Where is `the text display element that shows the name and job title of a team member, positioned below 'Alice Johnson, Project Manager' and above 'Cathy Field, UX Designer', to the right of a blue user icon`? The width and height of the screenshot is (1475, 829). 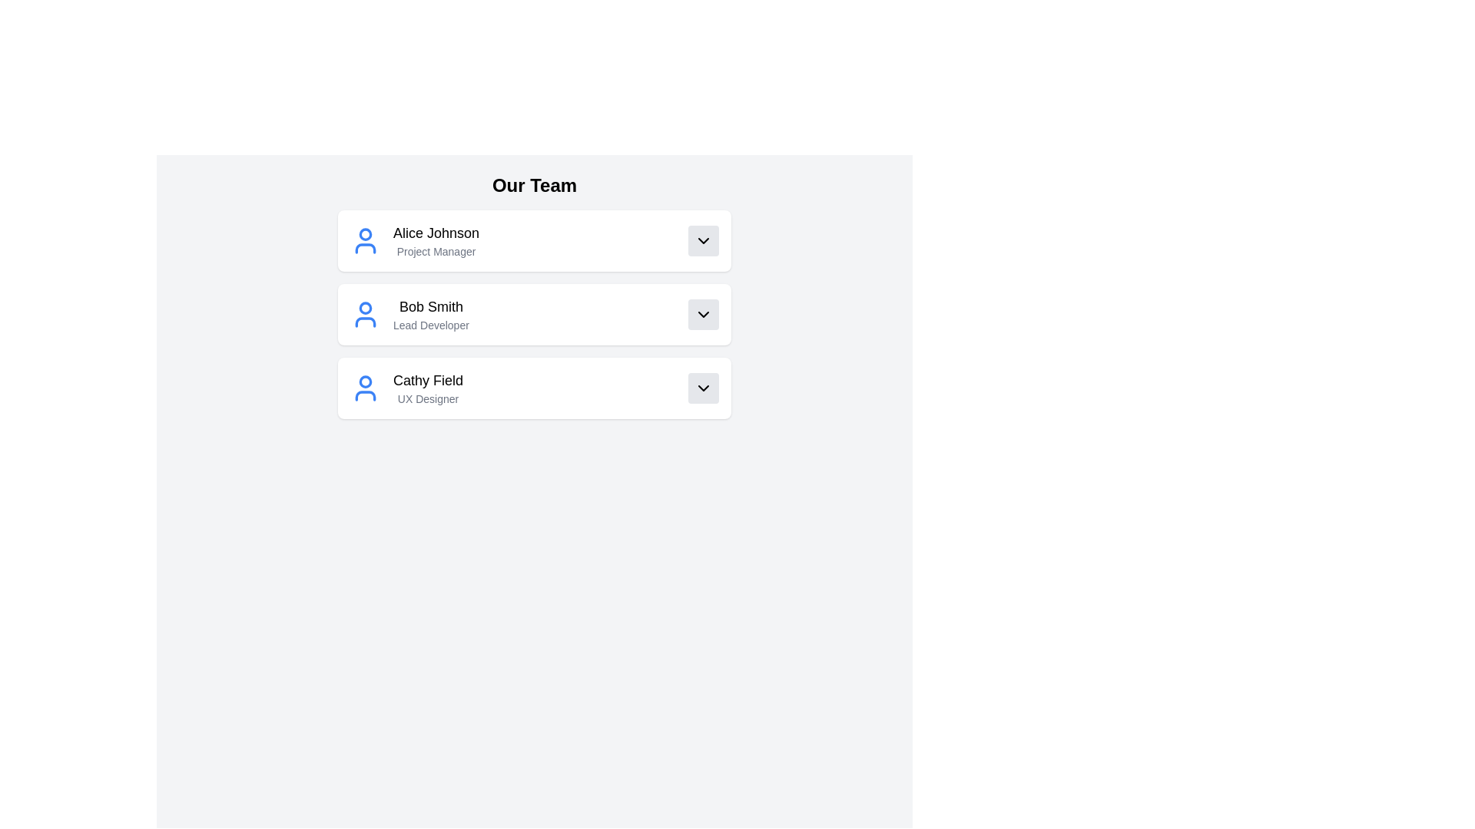 the text display element that shows the name and job title of a team member, positioned below 'Alice Johnson, Project Manager' and above 'Cathy Field, UX Designer', to the right of a blue user icon is located at coordinates (430, 313).